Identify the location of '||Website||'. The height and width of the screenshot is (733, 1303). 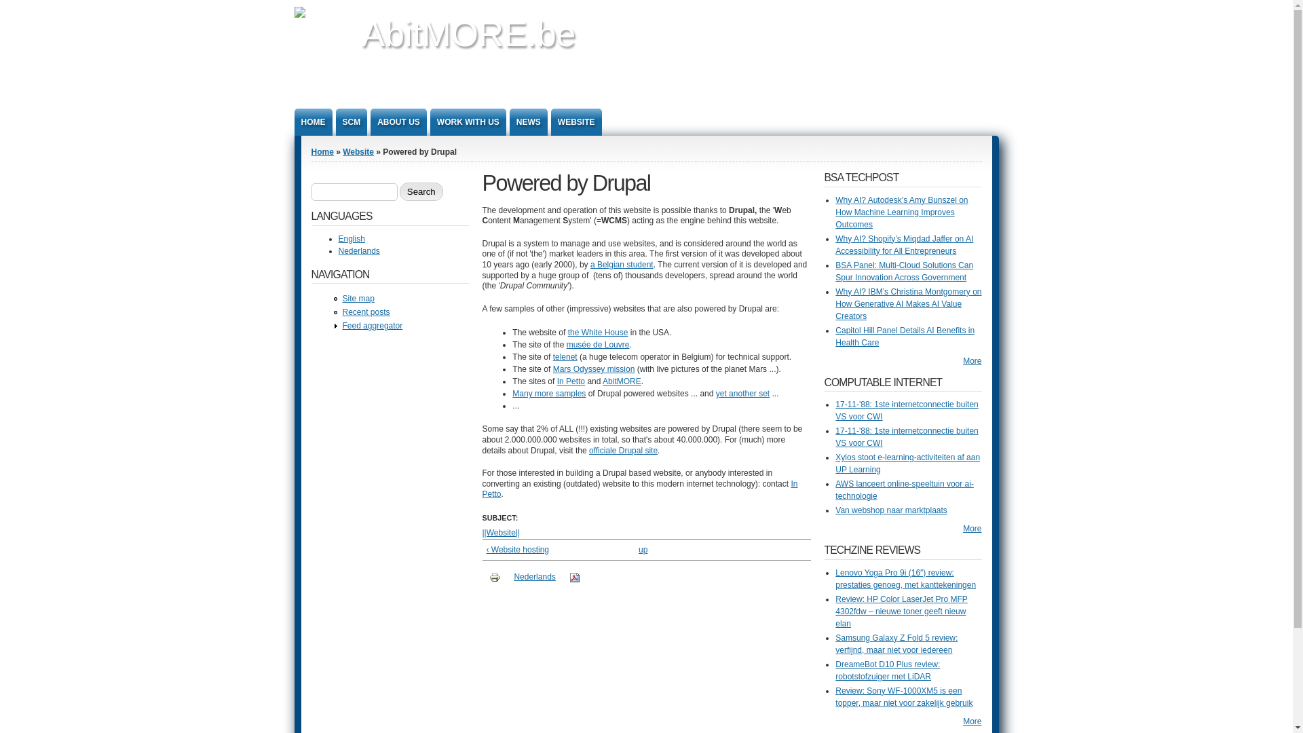
(500, 532).